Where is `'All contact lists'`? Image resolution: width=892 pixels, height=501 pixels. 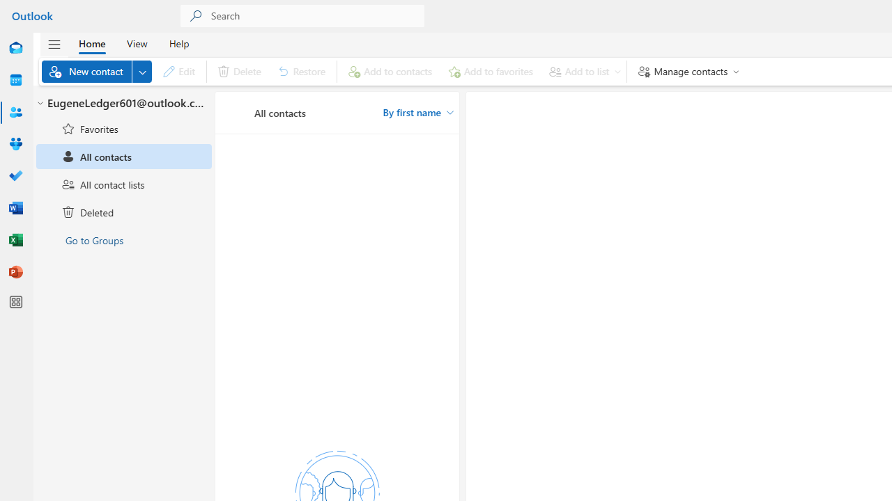
'All contact lists' is located at coordinates (124, 183).